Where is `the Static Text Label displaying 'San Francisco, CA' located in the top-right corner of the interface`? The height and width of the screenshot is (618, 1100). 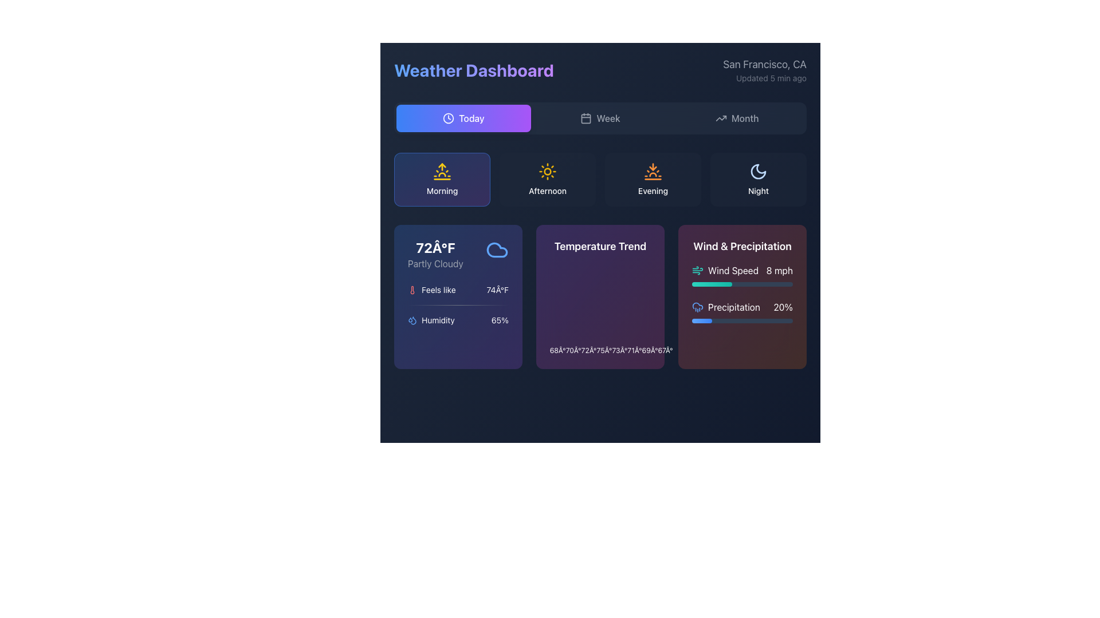 the Static Text Label displaying 'San Francisco, CA' located in the top-right corner of the interface is located at coordinates (765, 64).